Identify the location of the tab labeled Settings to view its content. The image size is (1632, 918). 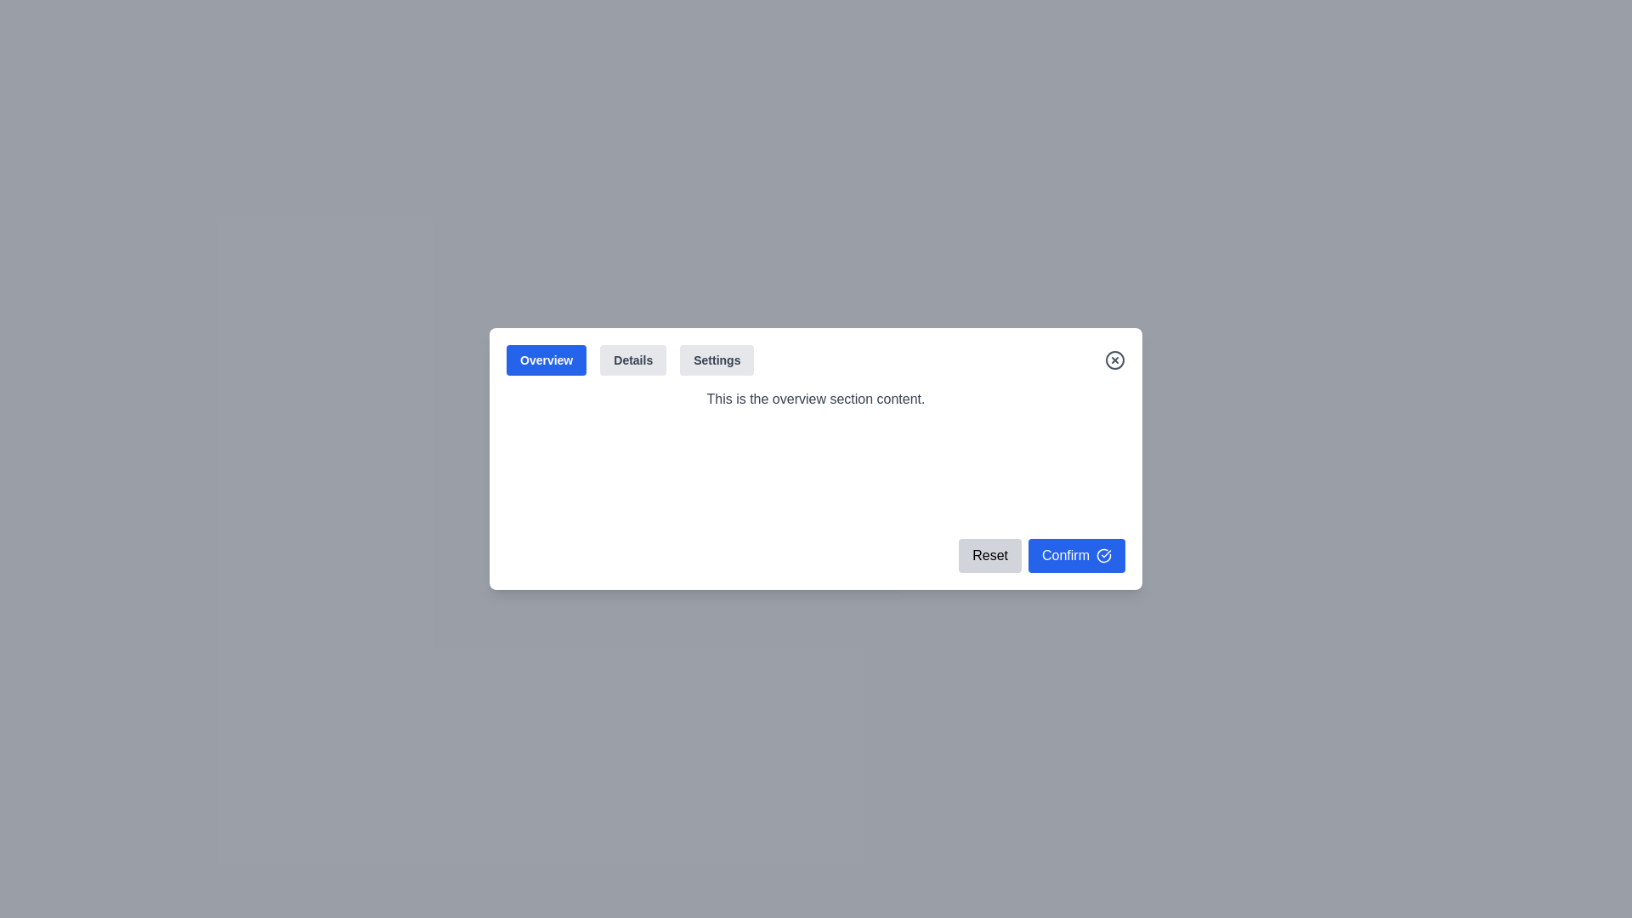
(717, 360).